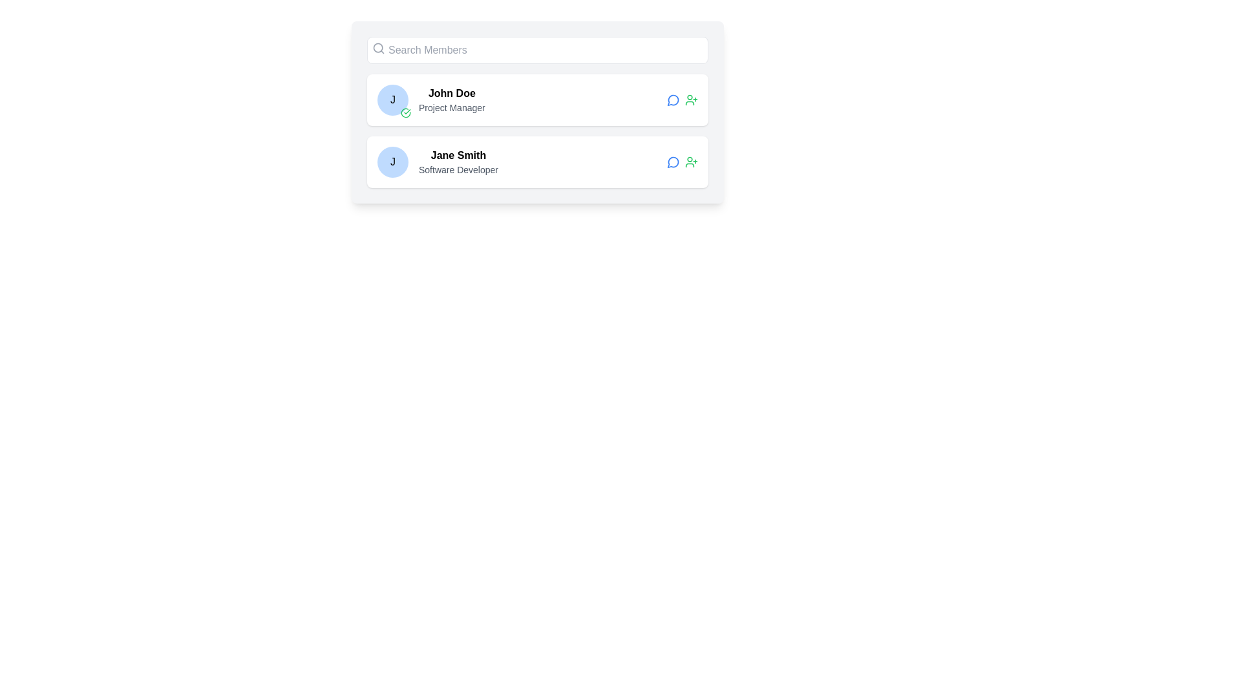  What do you see at coordinates (537, 99) in the screenshot?
I see `the Profile card displaying 'John Doe' and 'Project Manager', which is the first card in the user profiles list located below the search bar` at bounding box center [537, 99].